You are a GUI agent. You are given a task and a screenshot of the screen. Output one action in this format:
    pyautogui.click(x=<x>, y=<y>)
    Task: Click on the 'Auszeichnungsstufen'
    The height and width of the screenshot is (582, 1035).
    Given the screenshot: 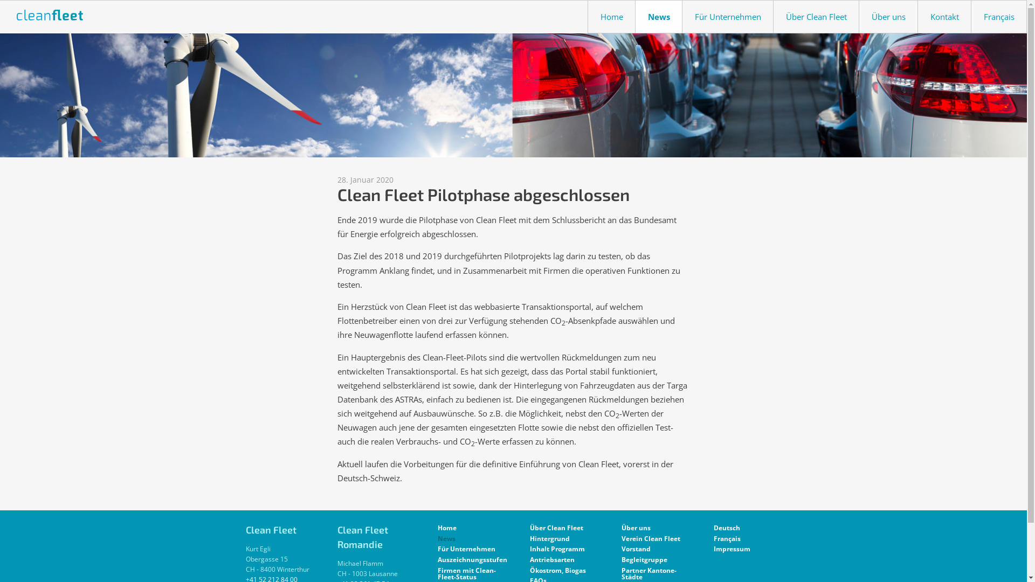 What is the action you would take?
    pyautogui.click(x=467, y=559)
    